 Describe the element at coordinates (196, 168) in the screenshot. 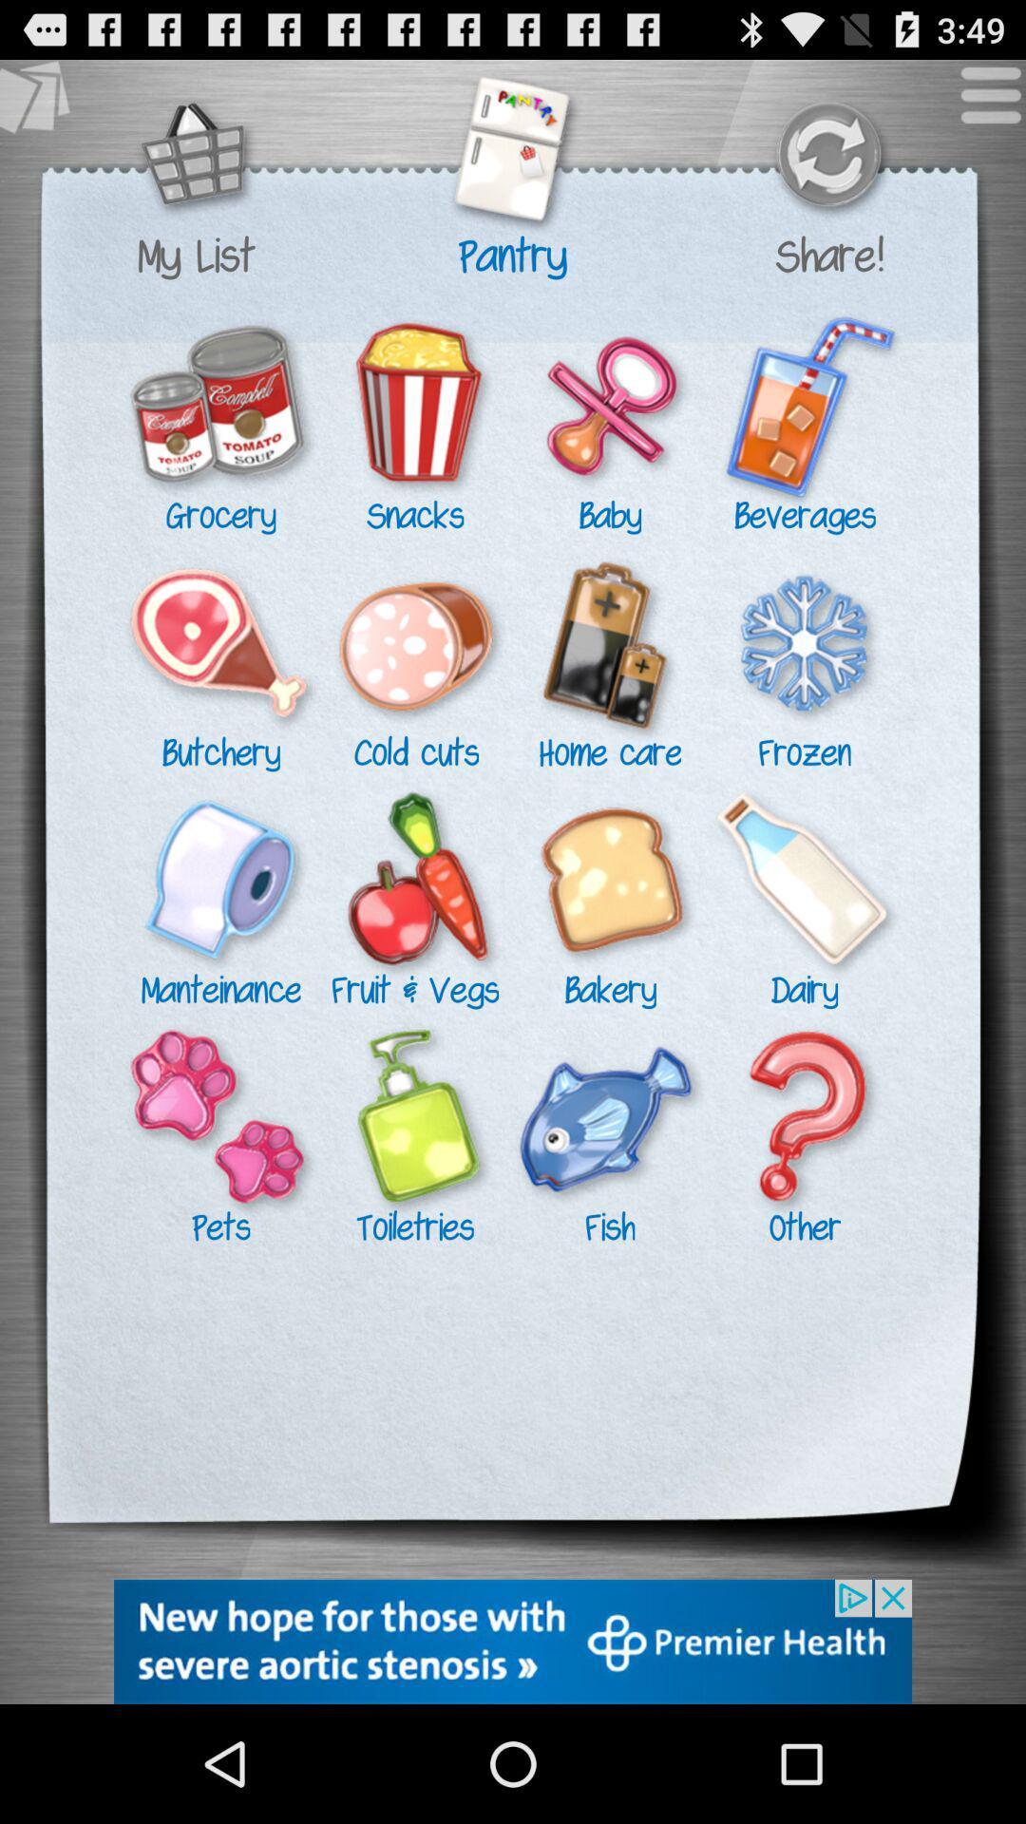

I see `the cart icon` at that location.